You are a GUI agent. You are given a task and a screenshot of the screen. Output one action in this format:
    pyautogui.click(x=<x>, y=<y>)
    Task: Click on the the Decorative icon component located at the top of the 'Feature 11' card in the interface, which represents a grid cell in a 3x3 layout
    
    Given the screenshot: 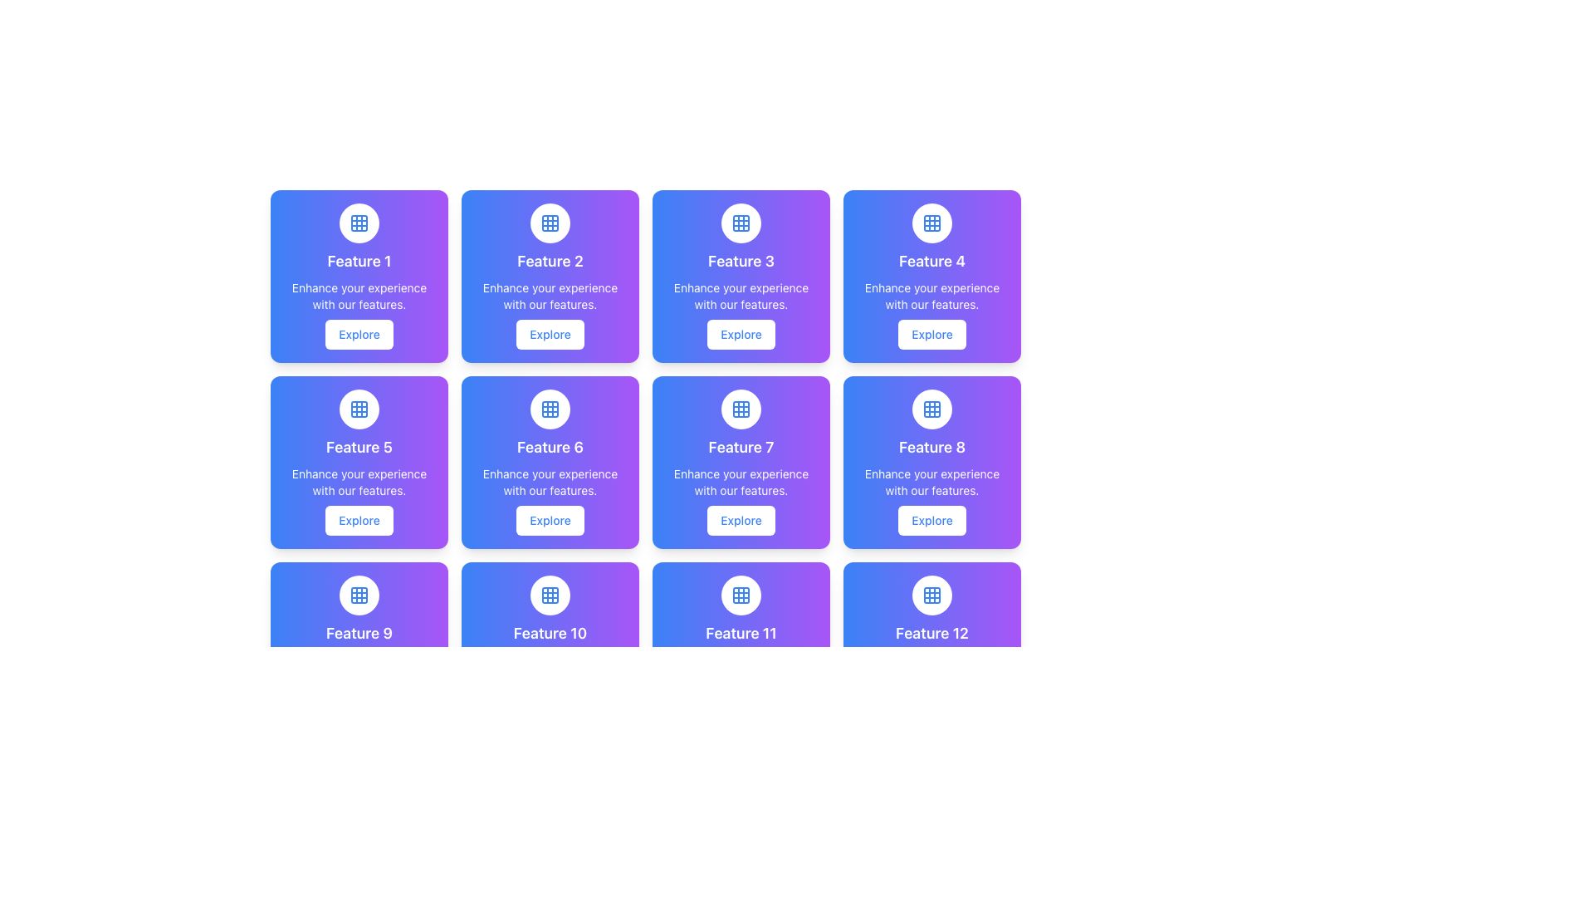 What is the action you would take?
    pyautogui.click(x=740, y=595)
    